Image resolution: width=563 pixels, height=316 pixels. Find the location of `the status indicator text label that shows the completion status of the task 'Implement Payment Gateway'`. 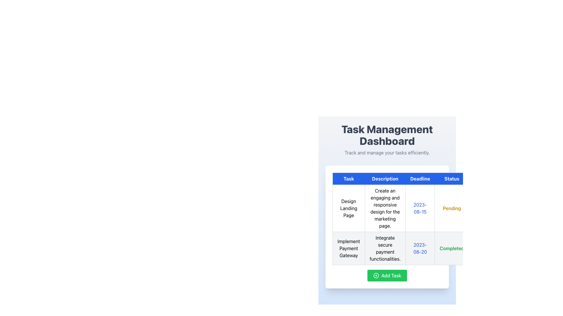

the status indicator text label that shows the completion status of the task 'Implement Payment Gateway' is located at coordinates (452, 248).